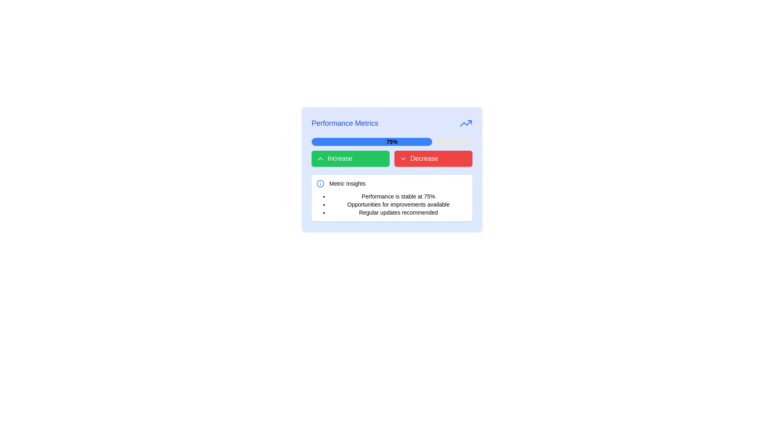 This screenshot has height=434, width=772. What do you see at coordinates (433, 158) in the screenshot?
I see `the red 'Decrease' button located in the 'Performance Metrics' panel to decrease a value` at bounding box center [433, 158].